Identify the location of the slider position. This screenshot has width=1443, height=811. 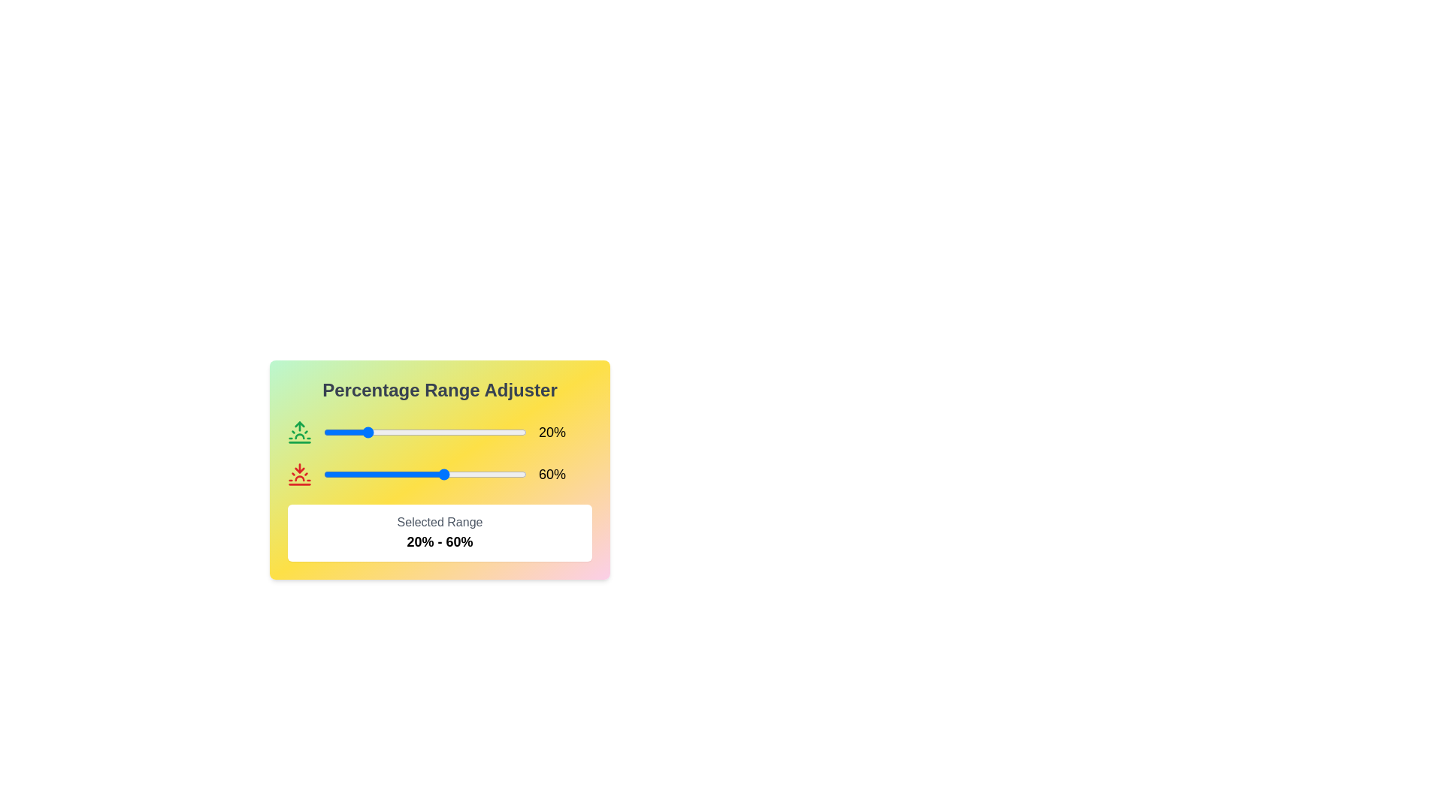
(495, 475).